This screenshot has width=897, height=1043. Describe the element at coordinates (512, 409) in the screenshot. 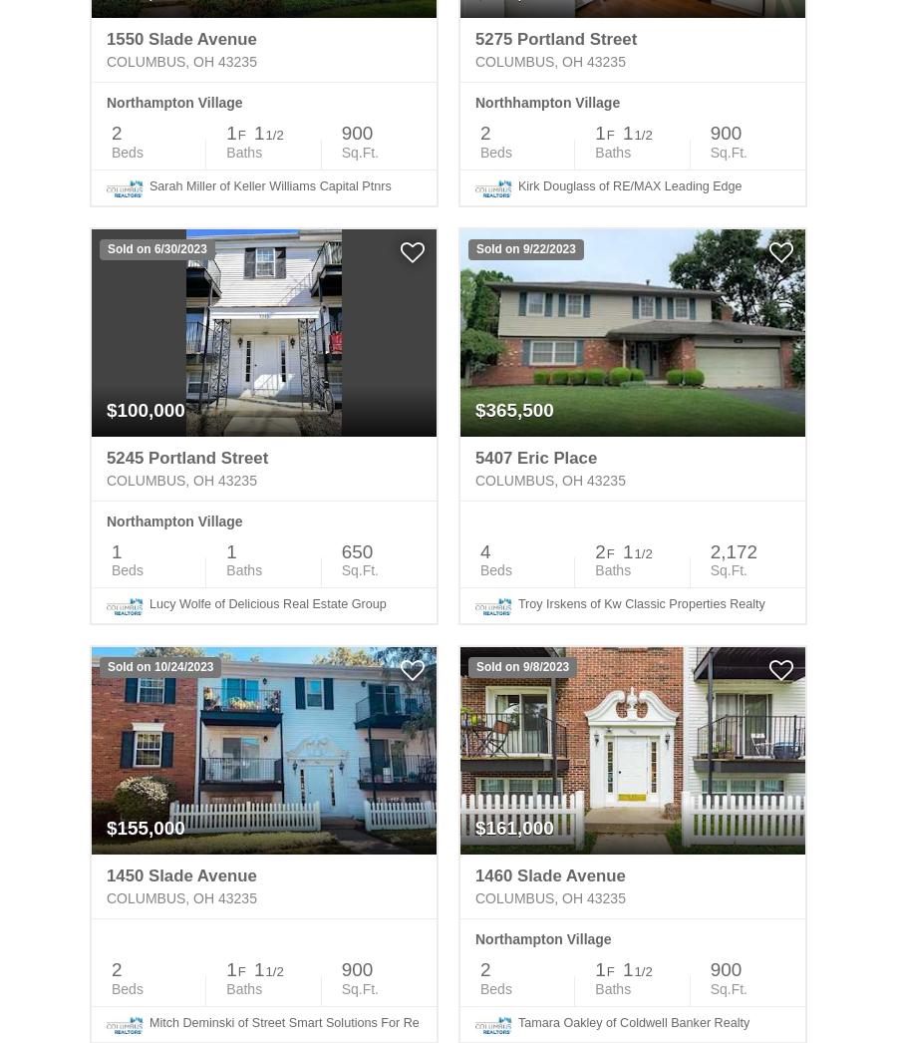

I see `'$365,500'` at that location.